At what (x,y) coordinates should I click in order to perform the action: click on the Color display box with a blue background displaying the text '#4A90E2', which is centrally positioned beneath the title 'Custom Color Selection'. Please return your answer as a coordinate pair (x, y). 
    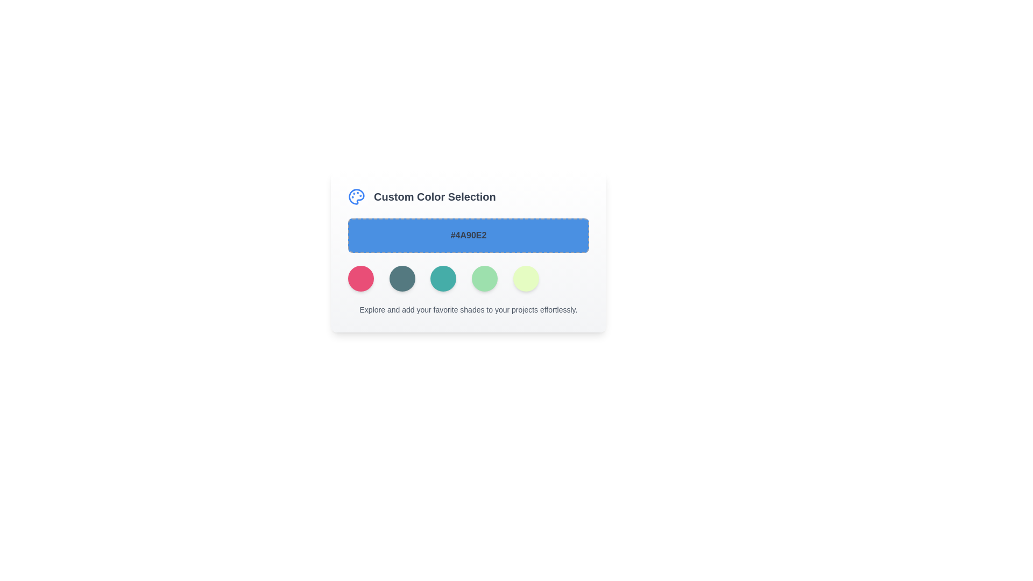
    Looking at the image, I should click on (468, 235).